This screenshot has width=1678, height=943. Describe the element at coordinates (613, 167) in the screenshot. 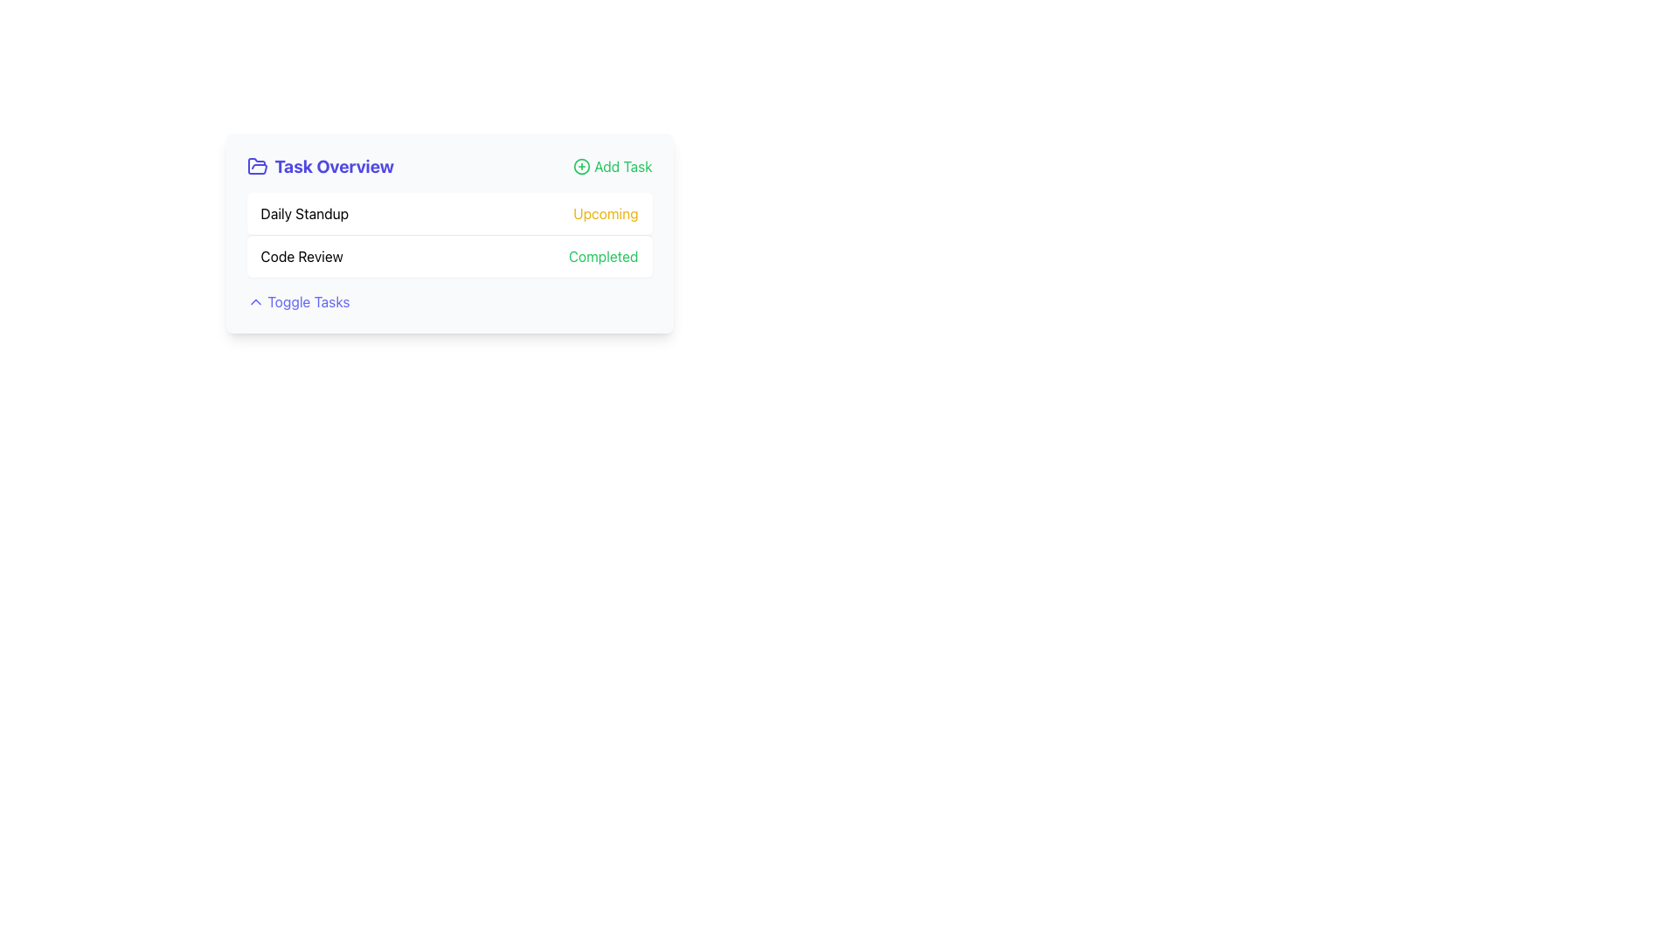

I see `the 'Add Task' button located in the top-right corner of the 'Task Overview' section header` at that location.